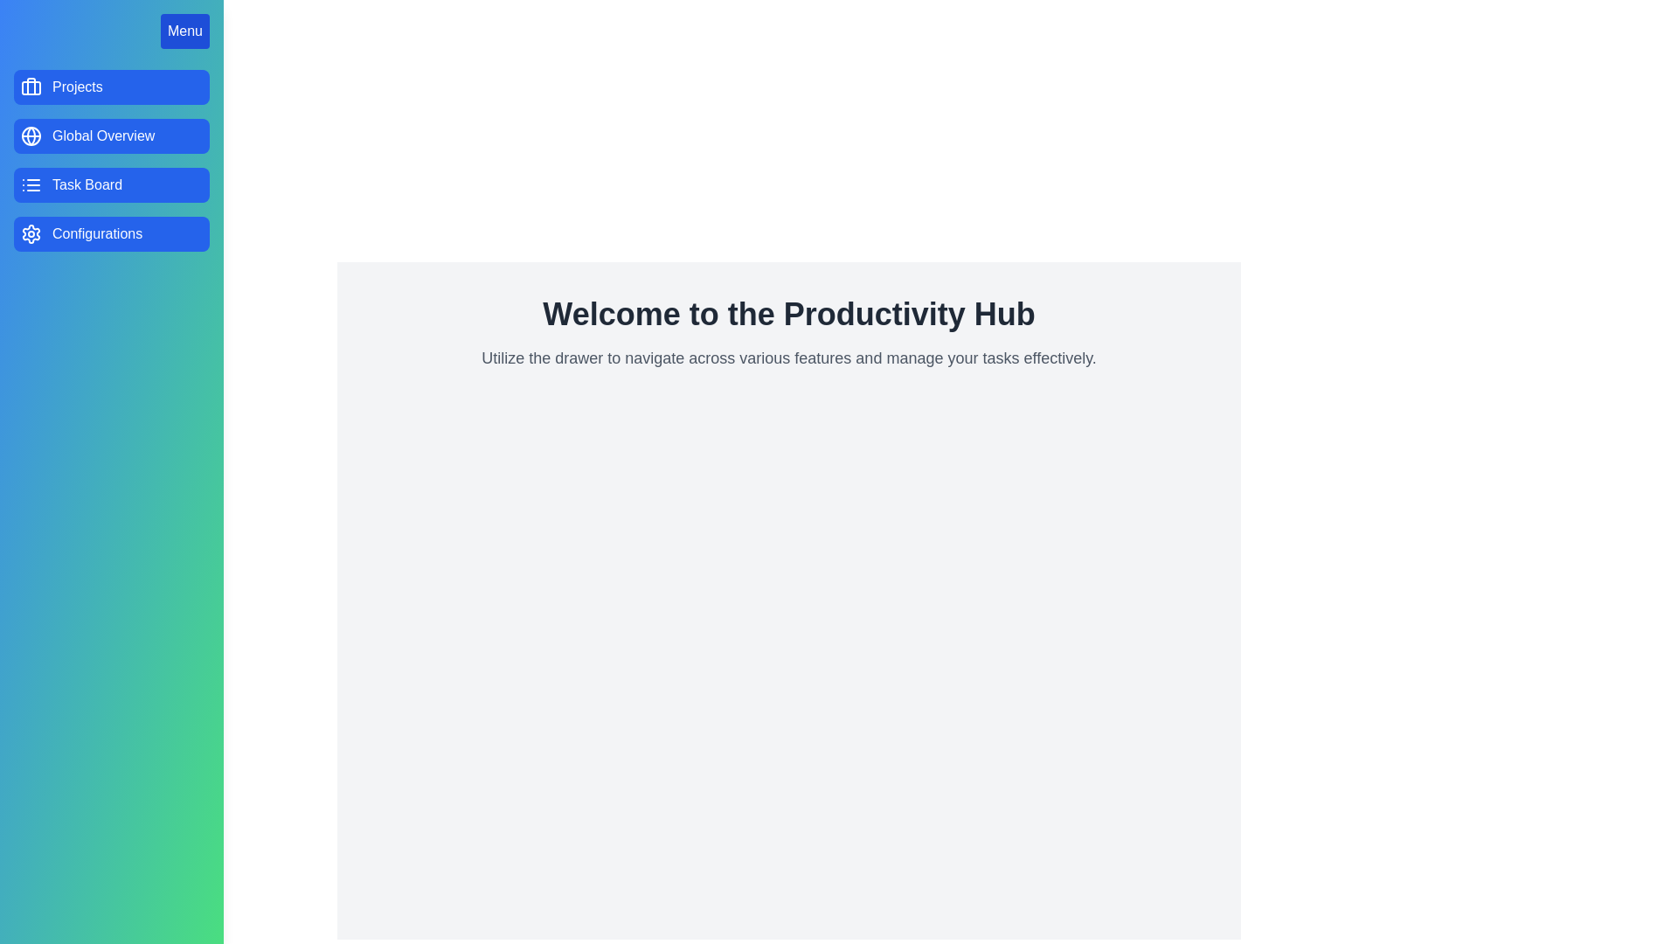 The image size is (1678, 944). What do you see at coordinates (111, 233) in the screenshot?
I see `the menu option Configurations to provide visual feedback` at bounding box center [111, 233].